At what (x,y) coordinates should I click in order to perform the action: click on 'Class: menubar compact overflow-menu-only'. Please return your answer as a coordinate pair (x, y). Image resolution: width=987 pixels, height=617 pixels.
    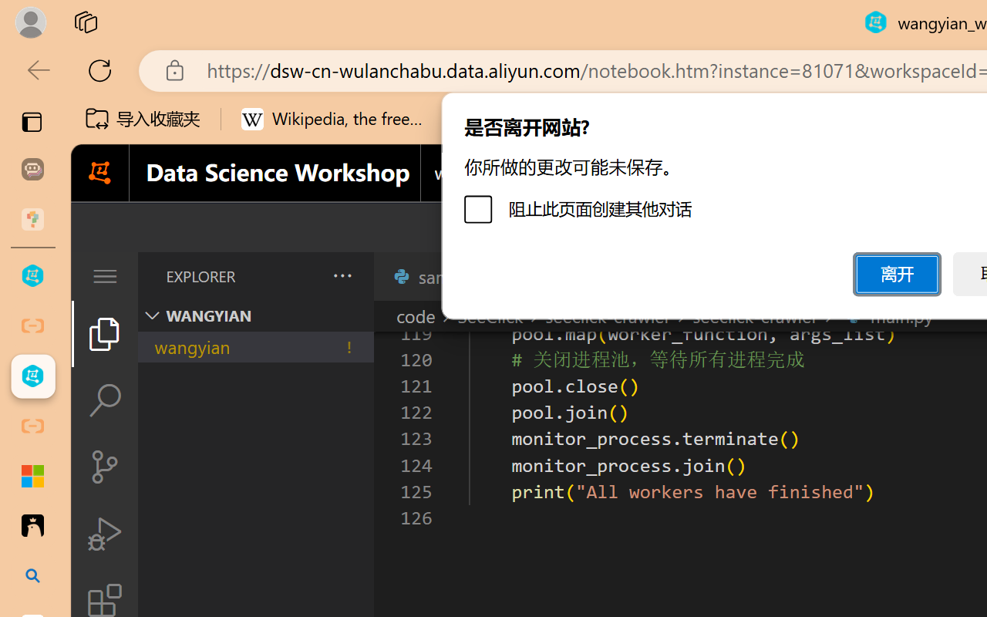
    Looking at the image, I should click on (103, 276).